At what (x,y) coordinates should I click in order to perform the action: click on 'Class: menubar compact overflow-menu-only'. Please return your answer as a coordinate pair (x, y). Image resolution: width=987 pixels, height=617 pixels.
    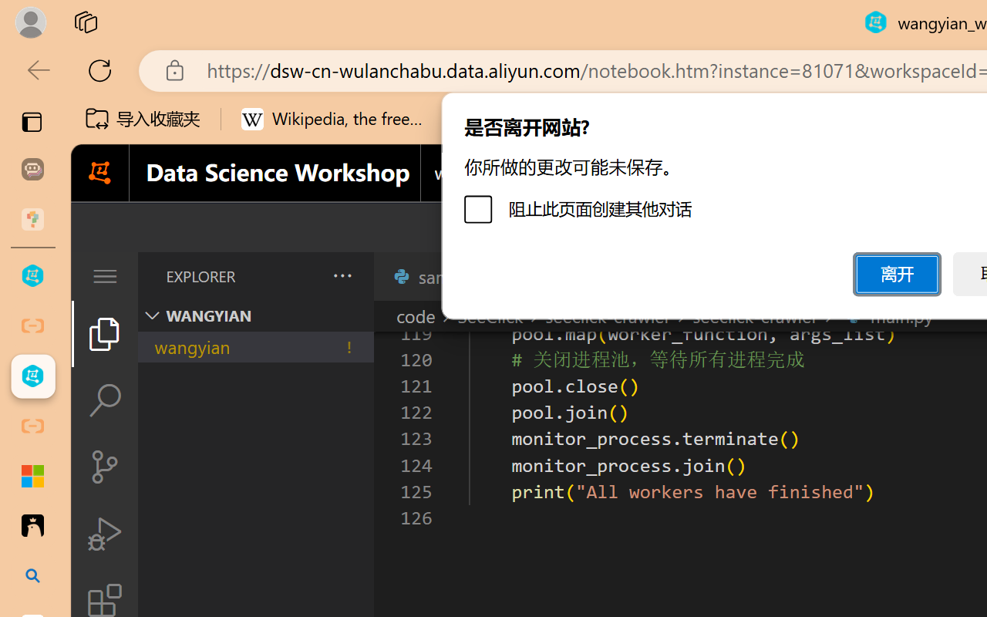
    Looking at the image, I should click on (103, 276).